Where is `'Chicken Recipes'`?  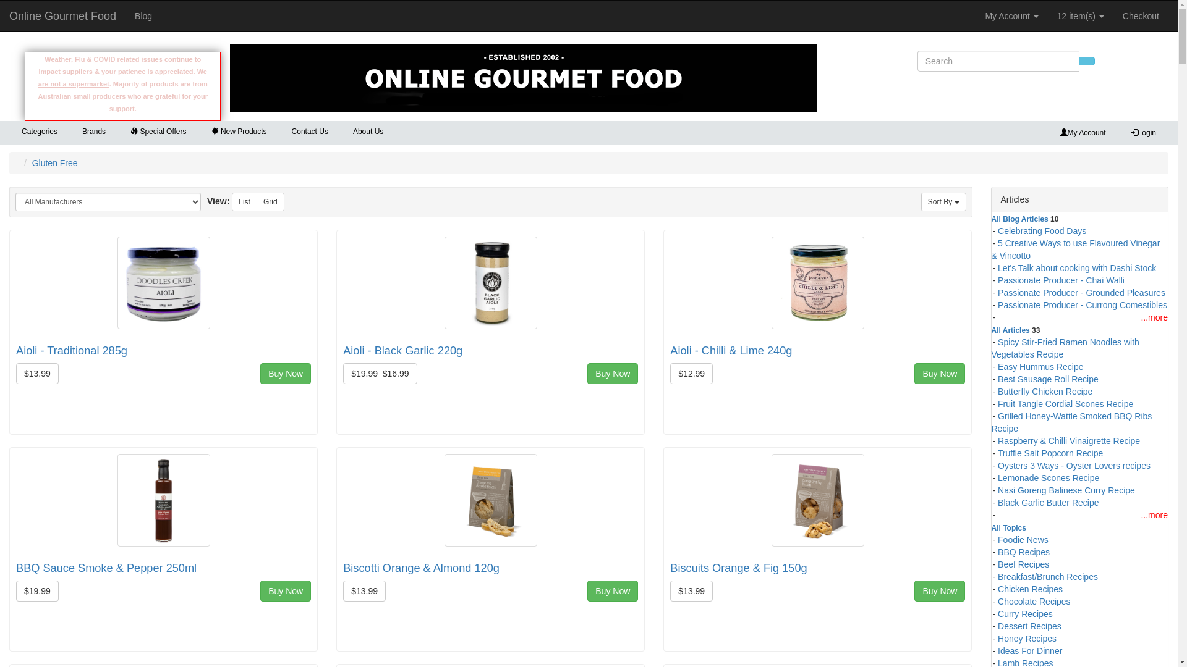
'Chicken Recipes' is located at coordinates (1030, 587).